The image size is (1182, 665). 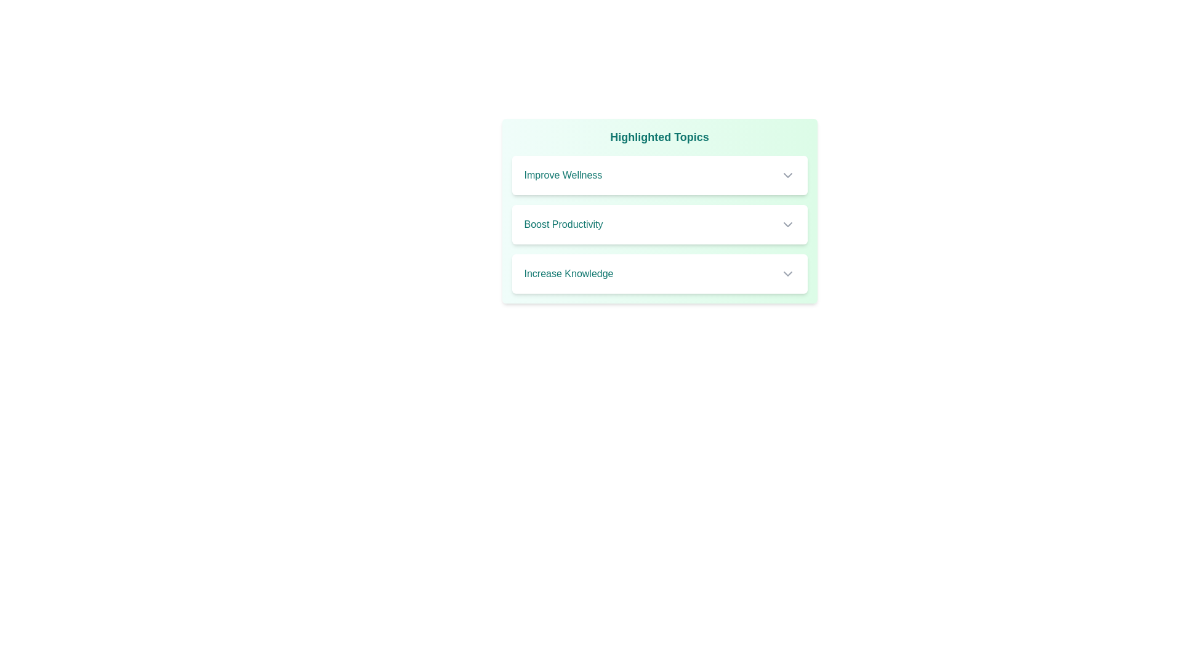 What do you see at coordinates (787, 225) in the screenshot?
I see `the Chevron, Downward icon in the 'Boost Productivity' section to trigger tooltip or visual feedback` at bounding box center [787, 225].